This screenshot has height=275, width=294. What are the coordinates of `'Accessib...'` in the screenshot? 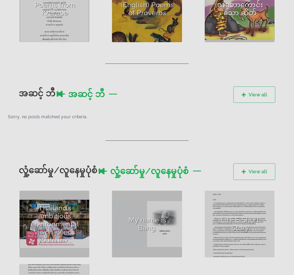 It's located at (119, 240).